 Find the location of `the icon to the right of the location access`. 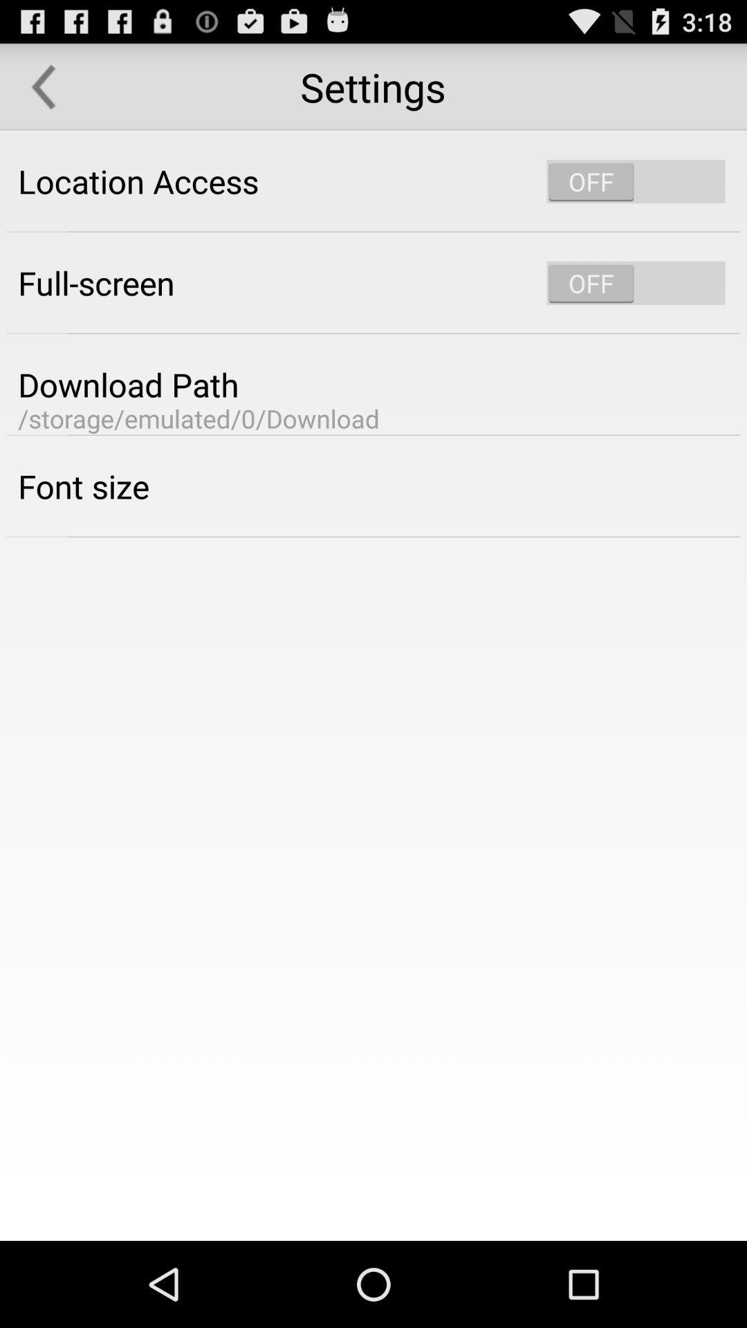

the icon to the right of the location access is located at coordinates (636, 181).